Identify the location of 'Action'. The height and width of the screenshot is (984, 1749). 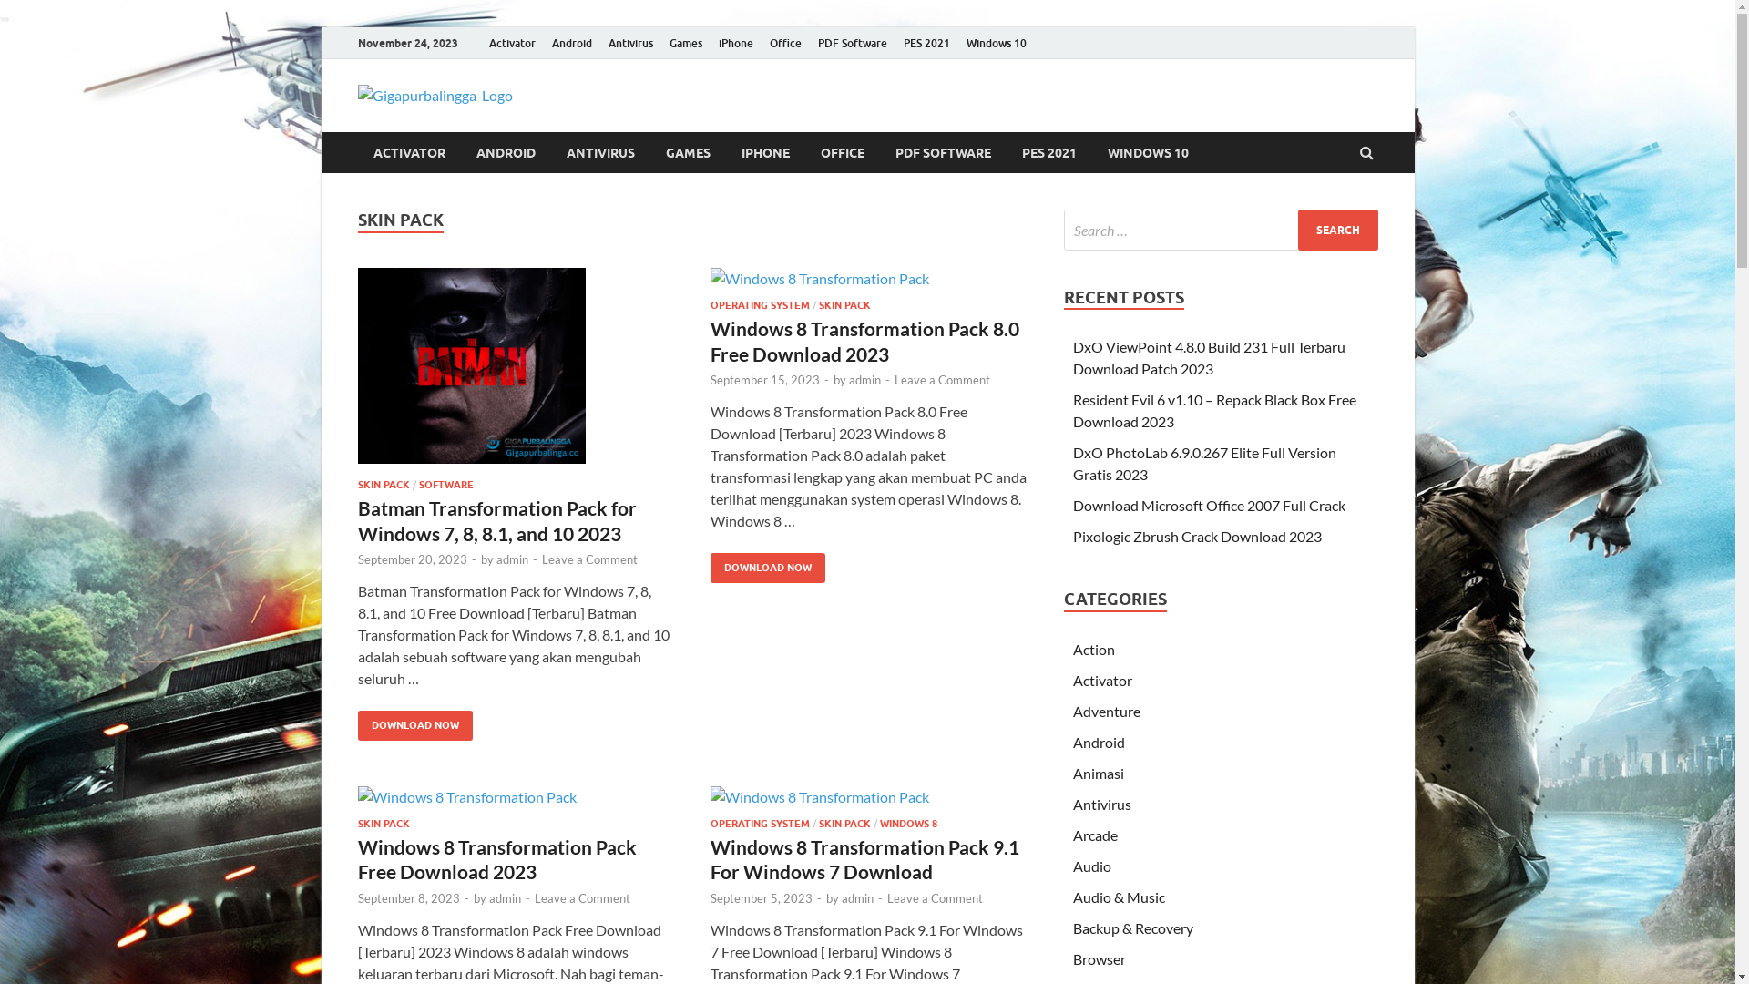
(1093, 648).